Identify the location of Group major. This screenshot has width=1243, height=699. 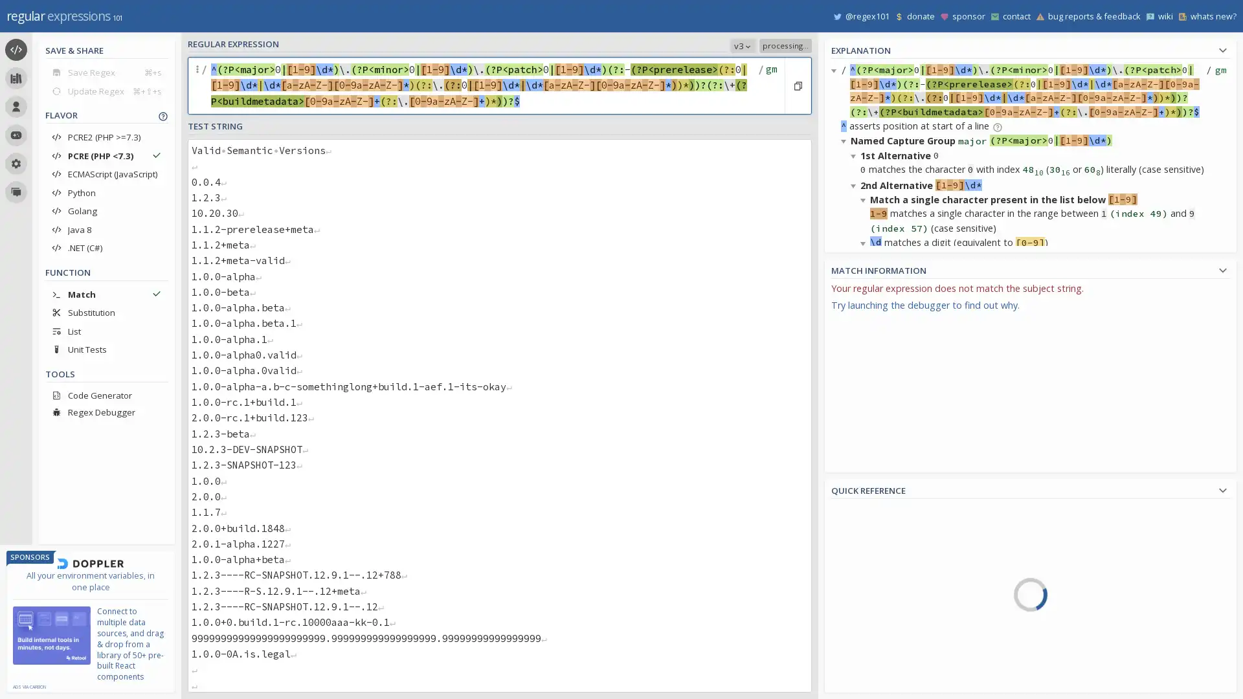
(866, 427).